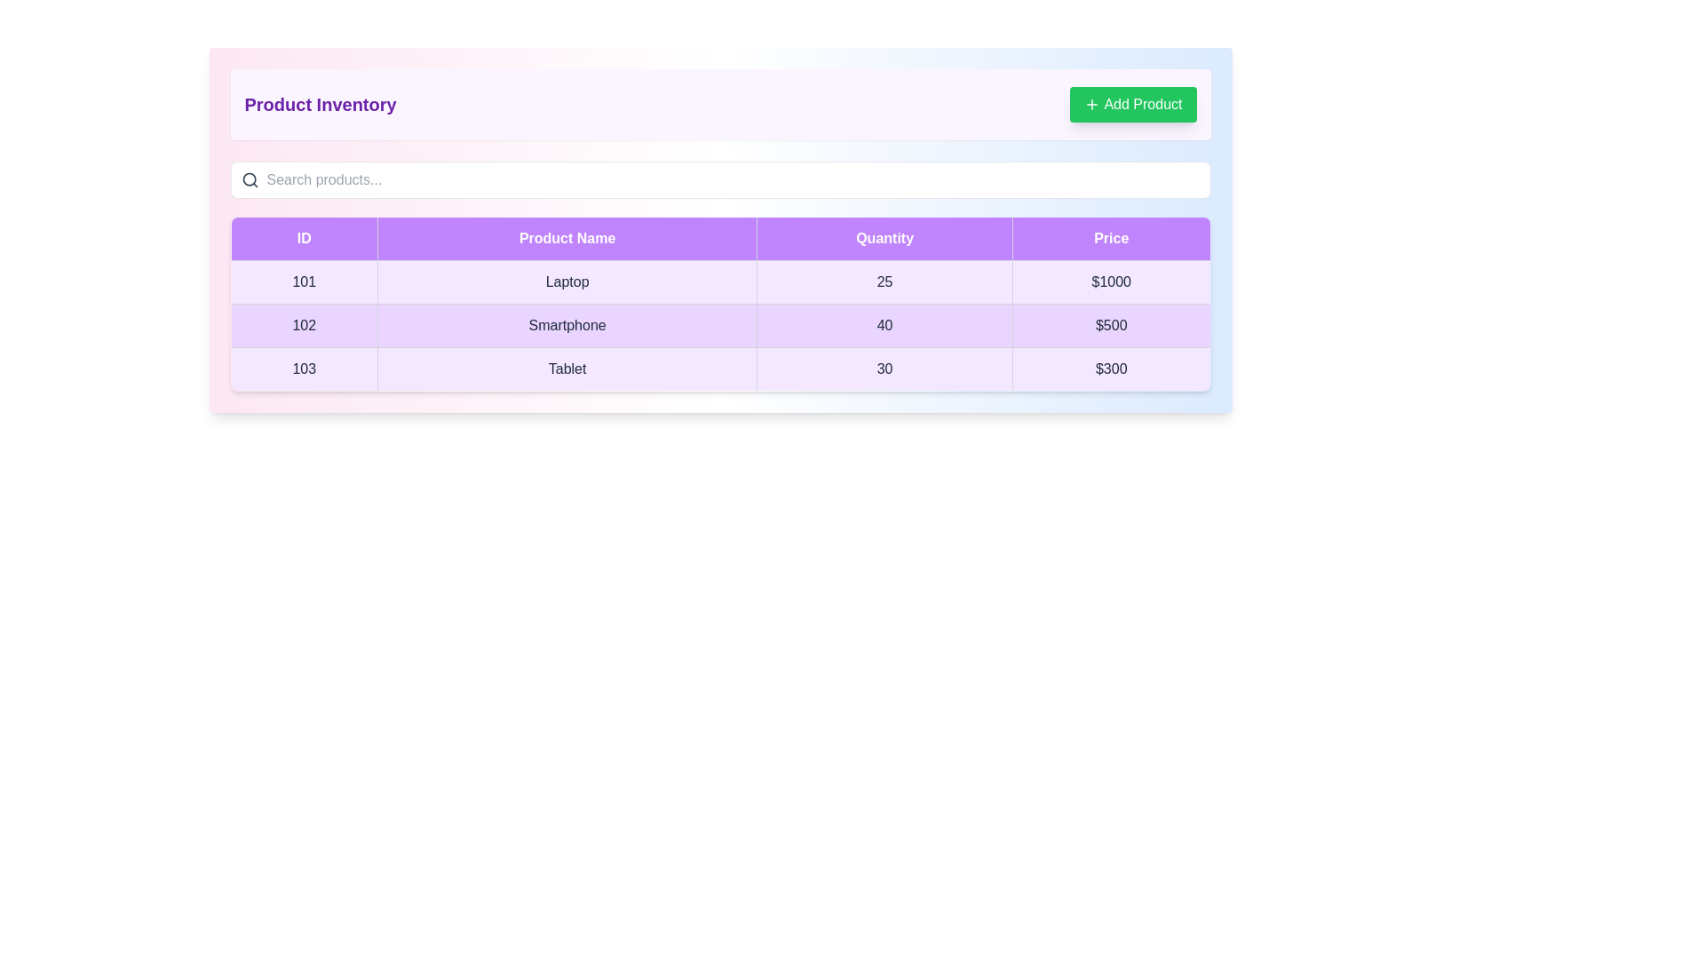 Image resolution: width=1705 pixels, height=959 pixels. What do you see at coordinates (304, 325) in the screenshot?
I see `the static text field displaying '102' in the second row under the 'ID' column, which is styled in dark gray on a light purple background` at bounding box center [304, 325].